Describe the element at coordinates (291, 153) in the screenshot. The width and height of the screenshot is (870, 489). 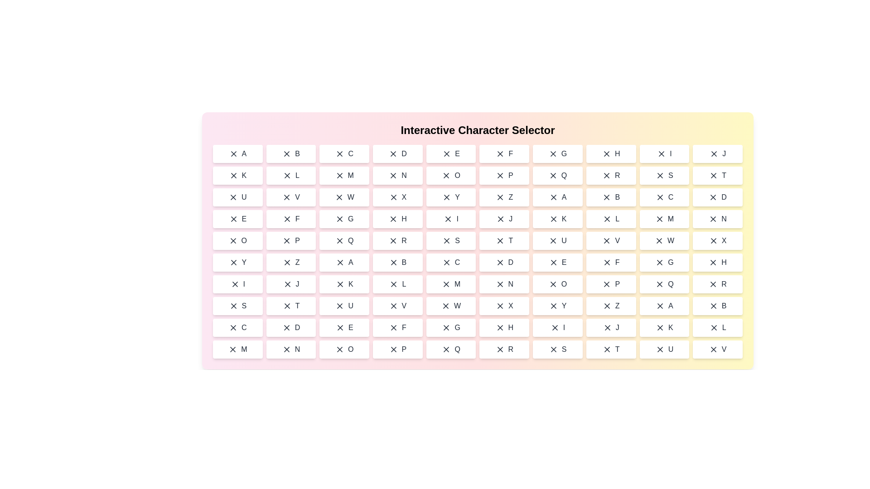
I see `the character B in the grid to observe the hover effect` at that location.